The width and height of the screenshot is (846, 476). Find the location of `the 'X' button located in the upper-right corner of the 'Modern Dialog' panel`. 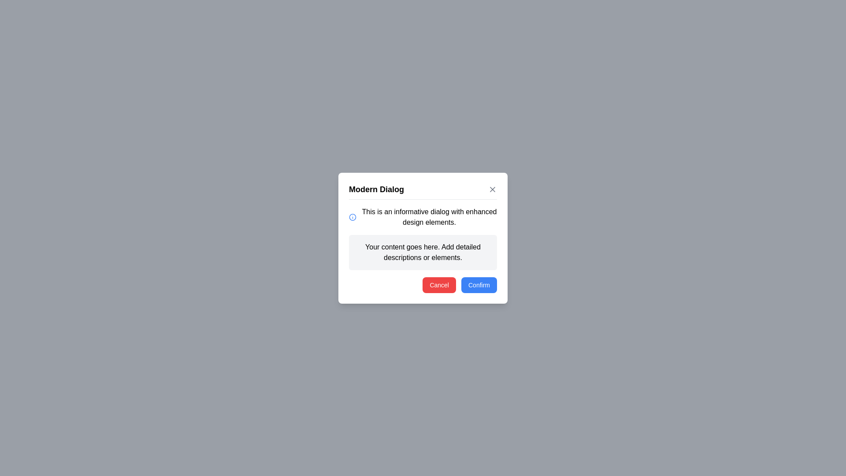

the 'X' button located in the upper-right corner of the 'Modern Dialog' panel is located at coordinates (492, 188).